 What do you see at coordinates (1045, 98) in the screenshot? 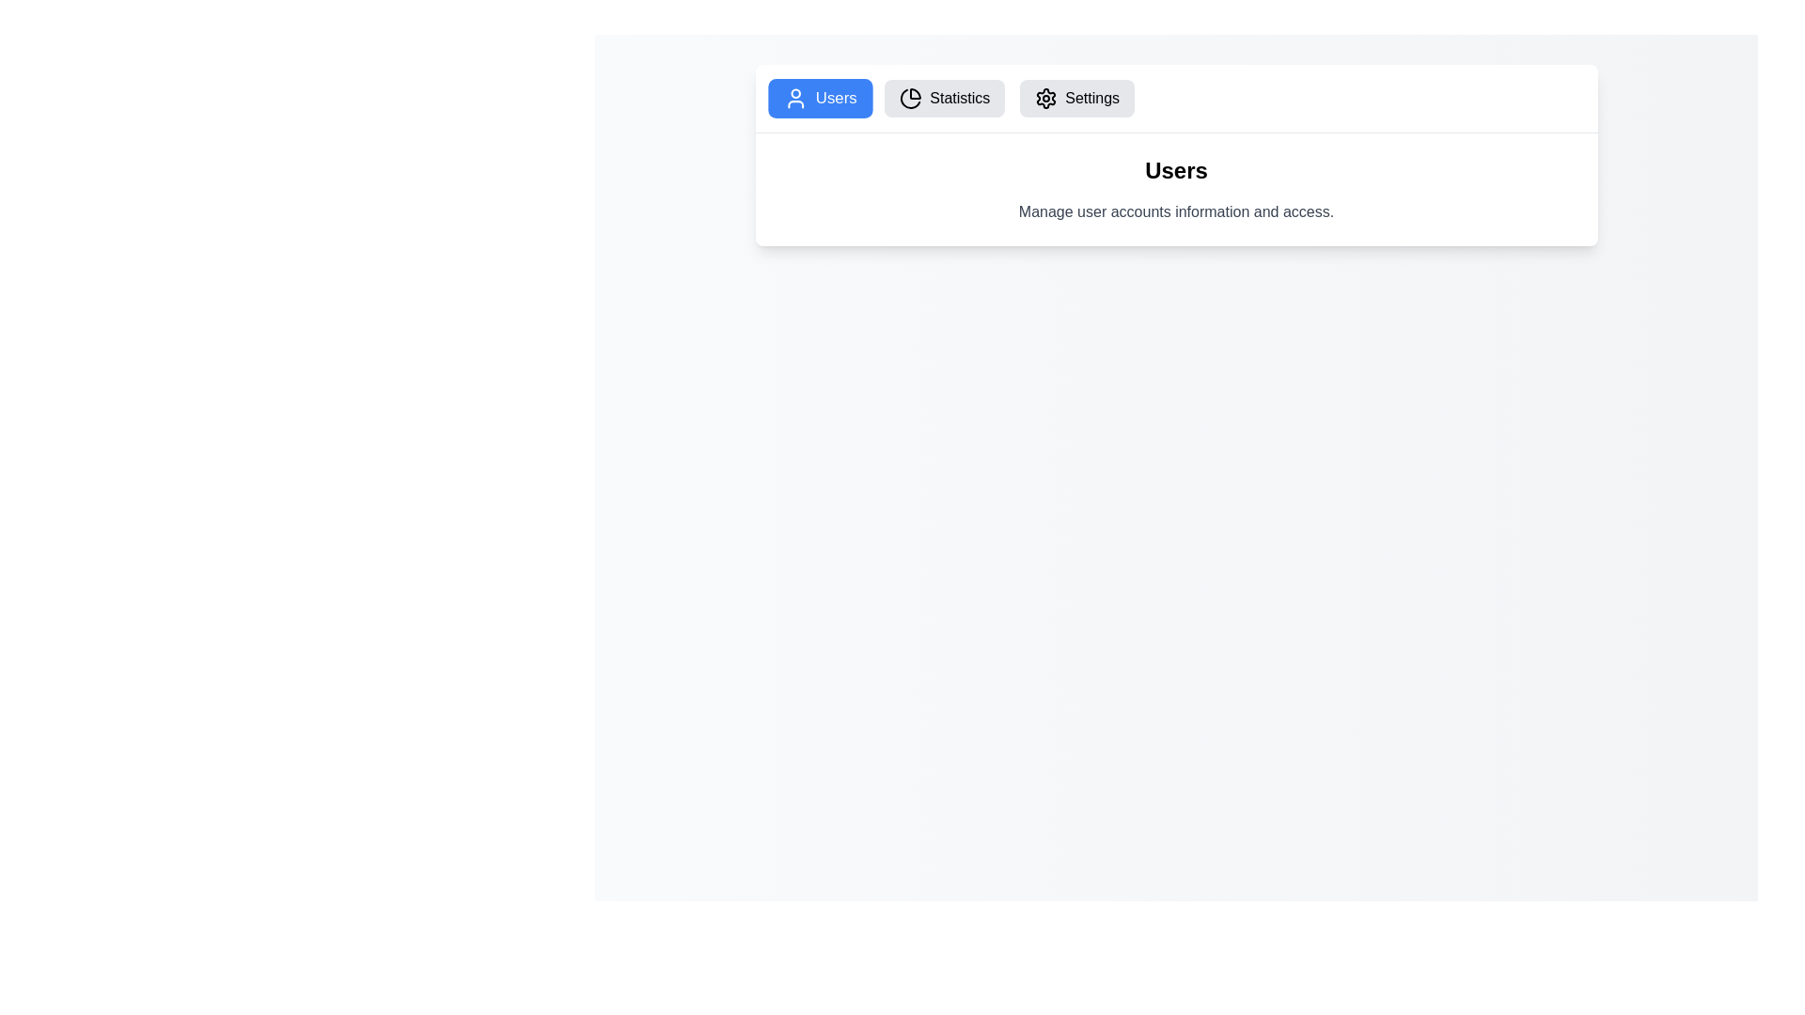
I see `the gear-like icon representing the settings menu in the navigation bar` at bounding box center [1045, 98].